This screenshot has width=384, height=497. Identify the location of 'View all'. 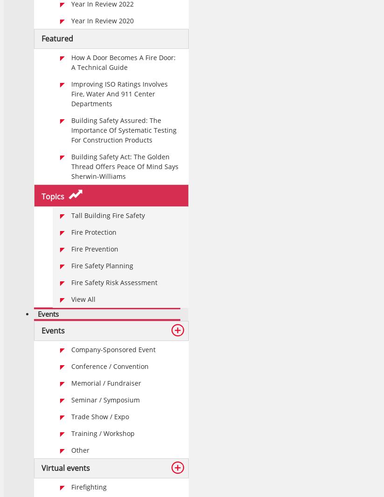
(83, 299).